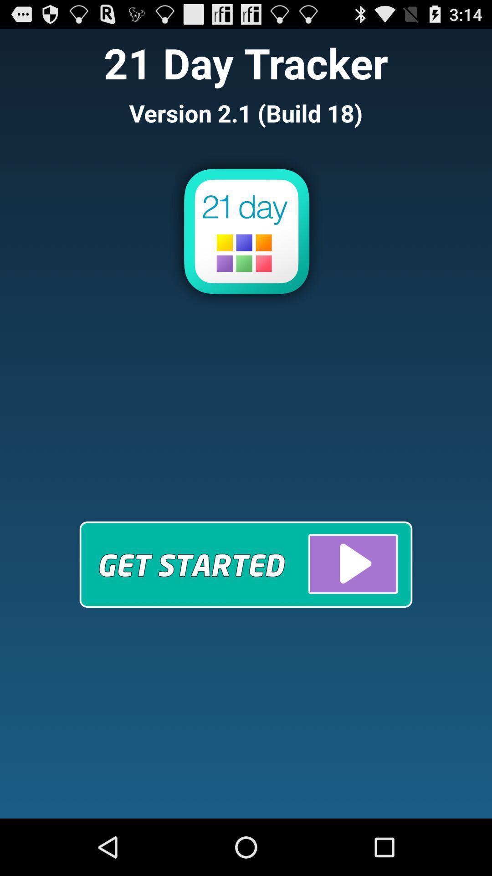 The width and height of the screenshot is (492, 876). I want to click on start the tracker, so click(246, 564).